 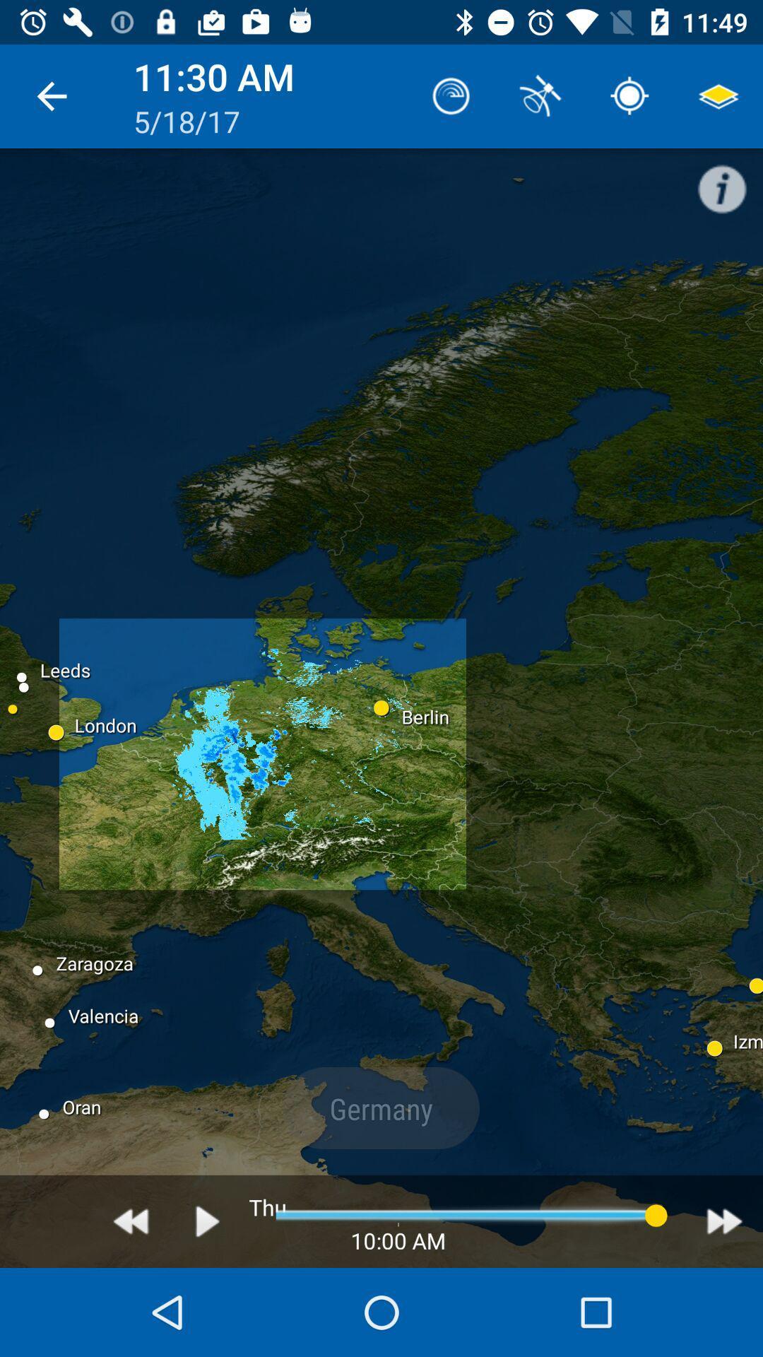 What do you see at coordinates (208, 1221) in the screenshot?
I see `play` at bounding box center [208, 1221].